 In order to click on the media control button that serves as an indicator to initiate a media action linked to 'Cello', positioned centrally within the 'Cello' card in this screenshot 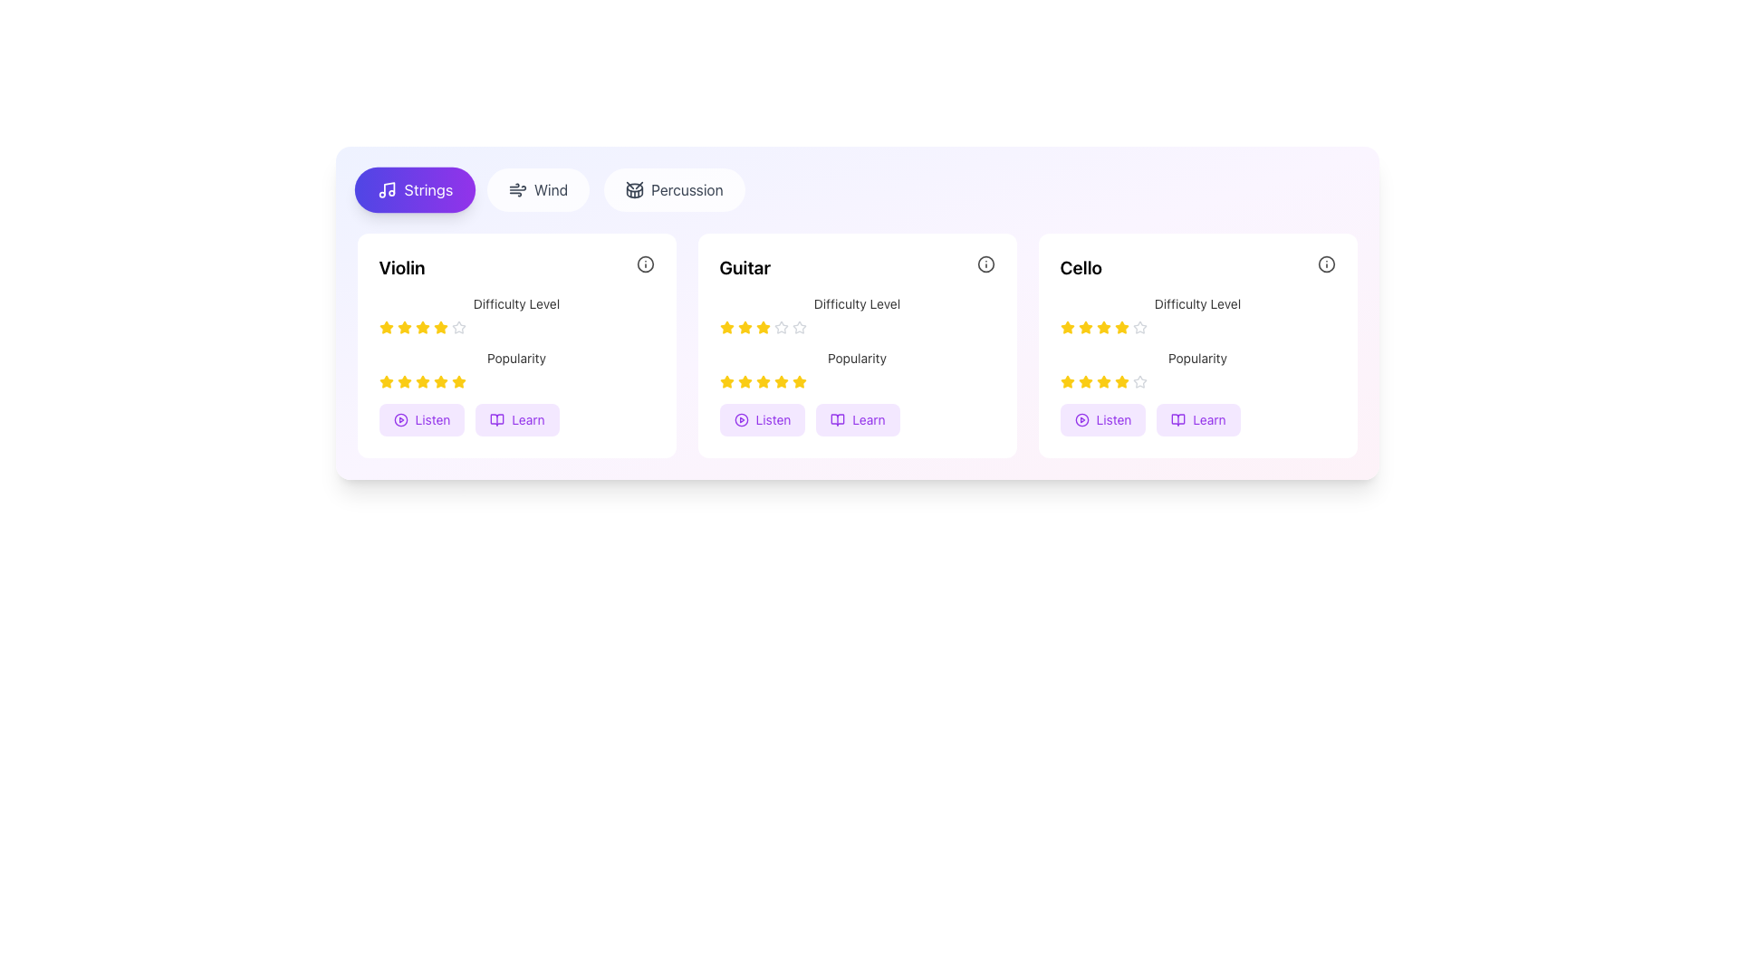, I will do `click(1081, 419)`.